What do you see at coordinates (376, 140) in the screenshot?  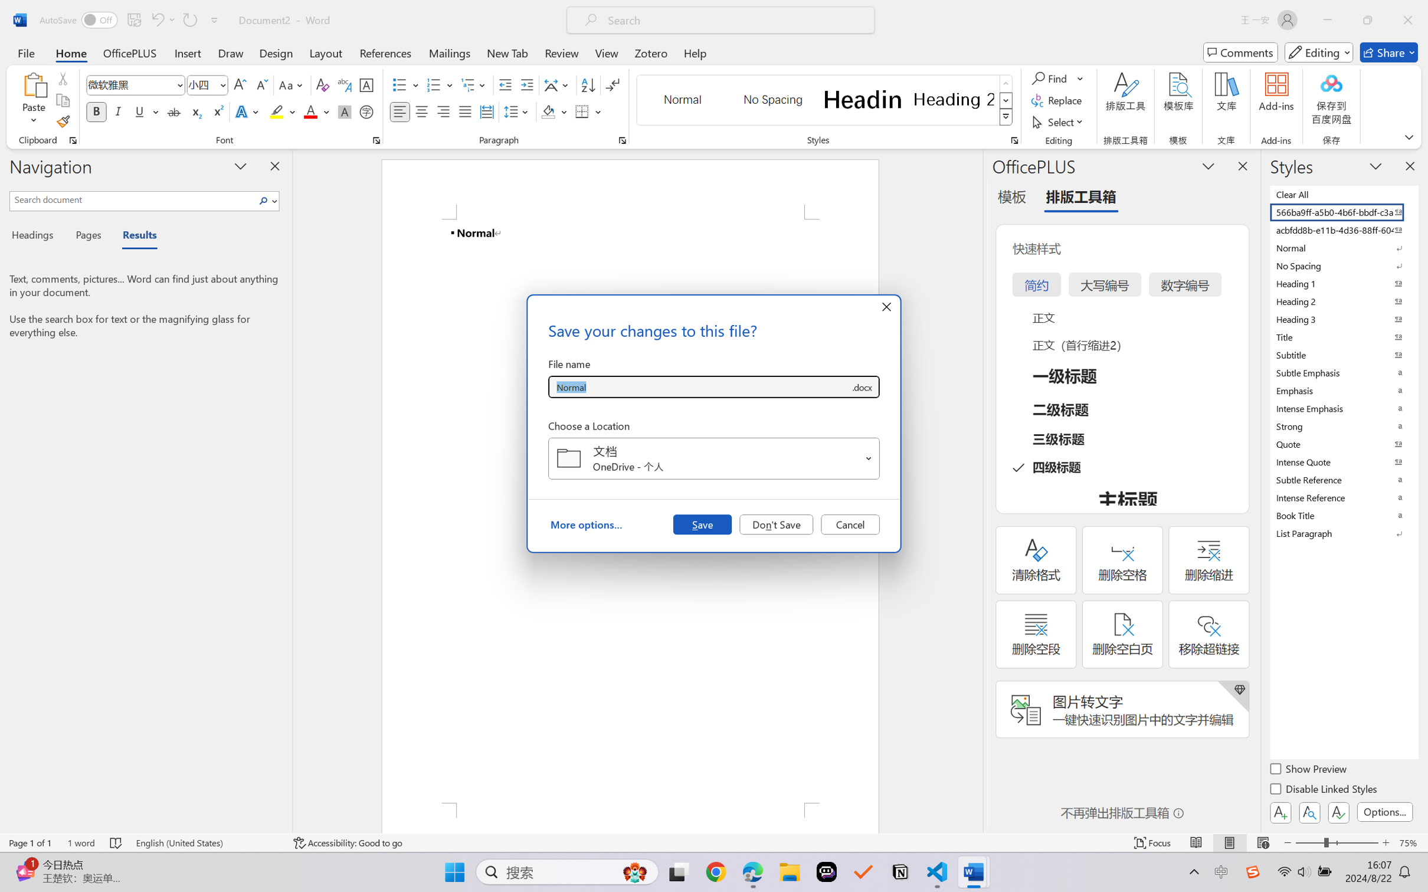 I see `'Font...'` at bounding box center [376, 140].